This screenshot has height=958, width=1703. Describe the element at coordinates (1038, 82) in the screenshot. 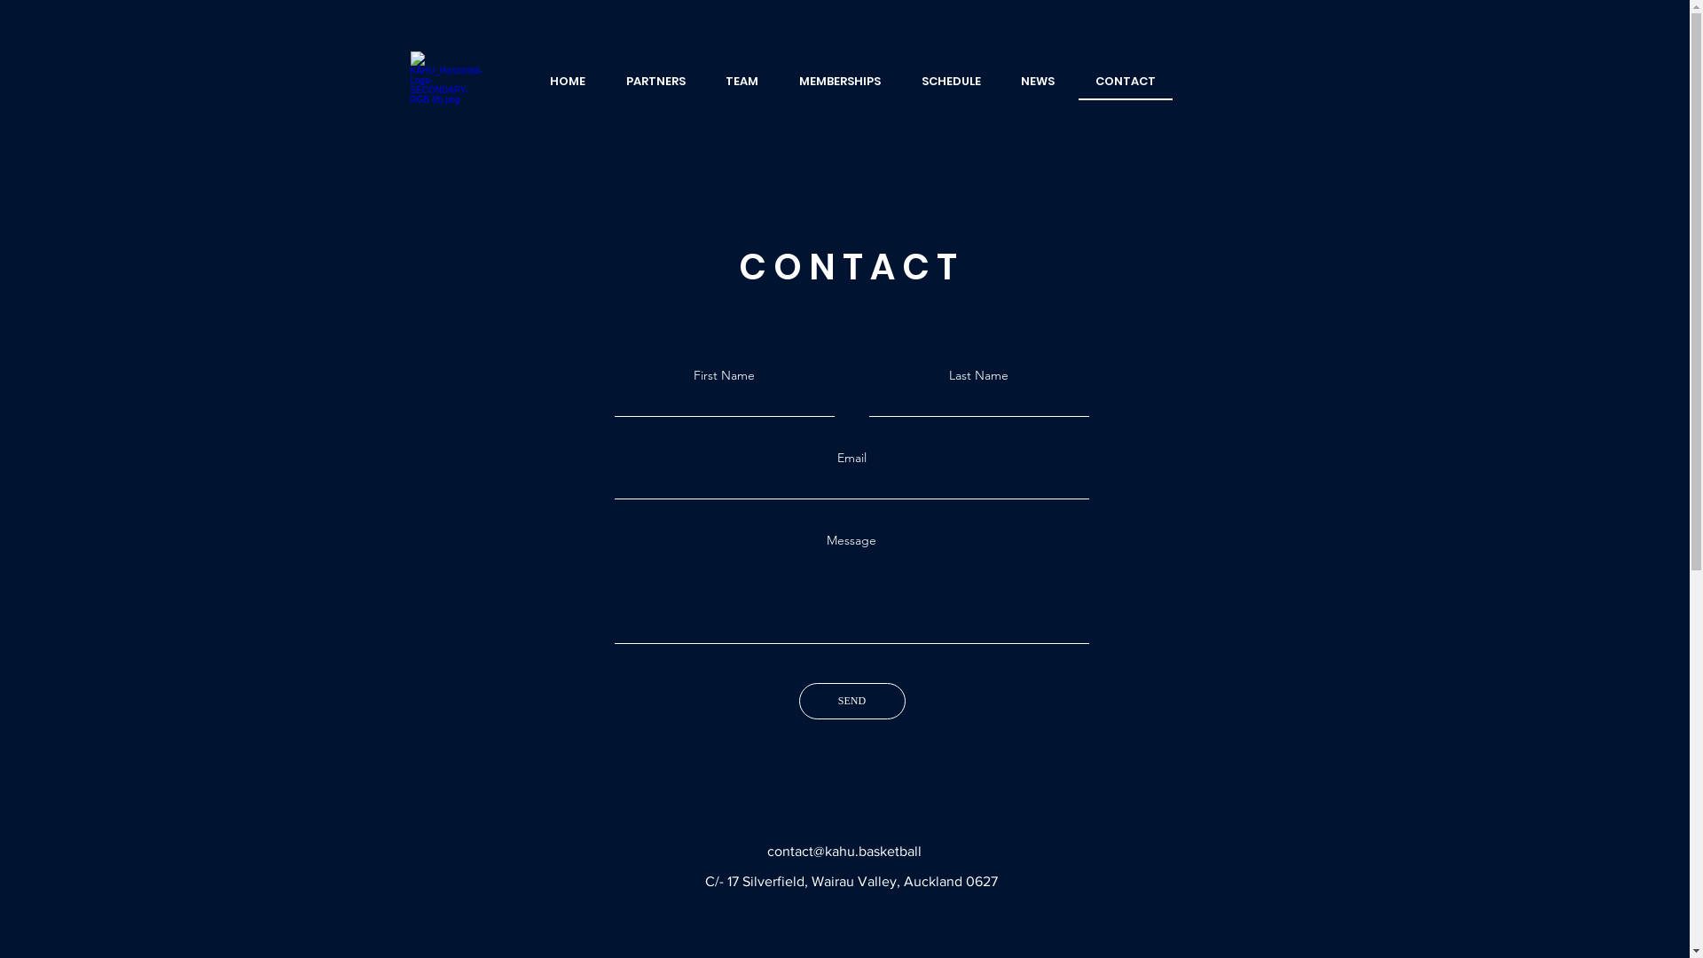

I see `'NEWS'` at that location.